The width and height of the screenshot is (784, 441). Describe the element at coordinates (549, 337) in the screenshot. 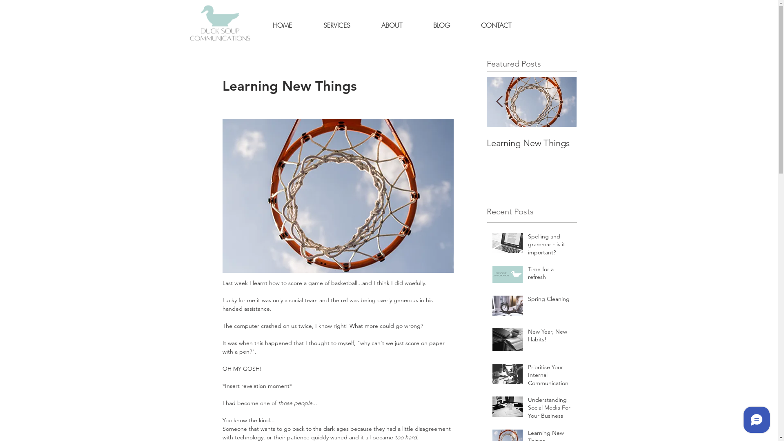

I see `'New Year, New Habits!'` at that location.